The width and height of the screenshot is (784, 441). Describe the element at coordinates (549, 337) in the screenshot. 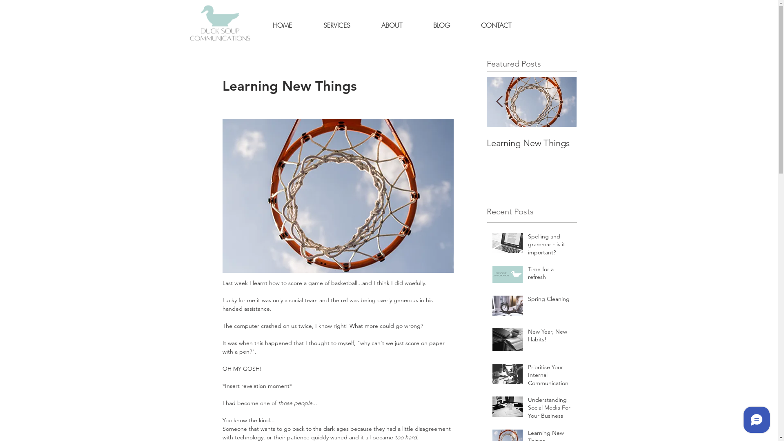

I see `'New Year, New Habits!'` at that location.